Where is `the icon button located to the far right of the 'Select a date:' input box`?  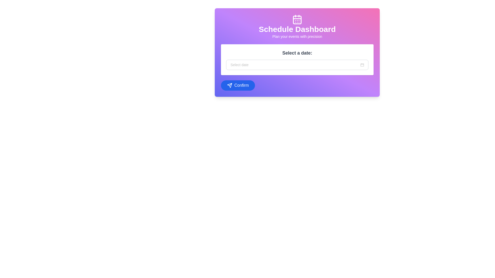
the icon button located to the far right of the 'Select a date:' input box is located at coordinates (362, 64).